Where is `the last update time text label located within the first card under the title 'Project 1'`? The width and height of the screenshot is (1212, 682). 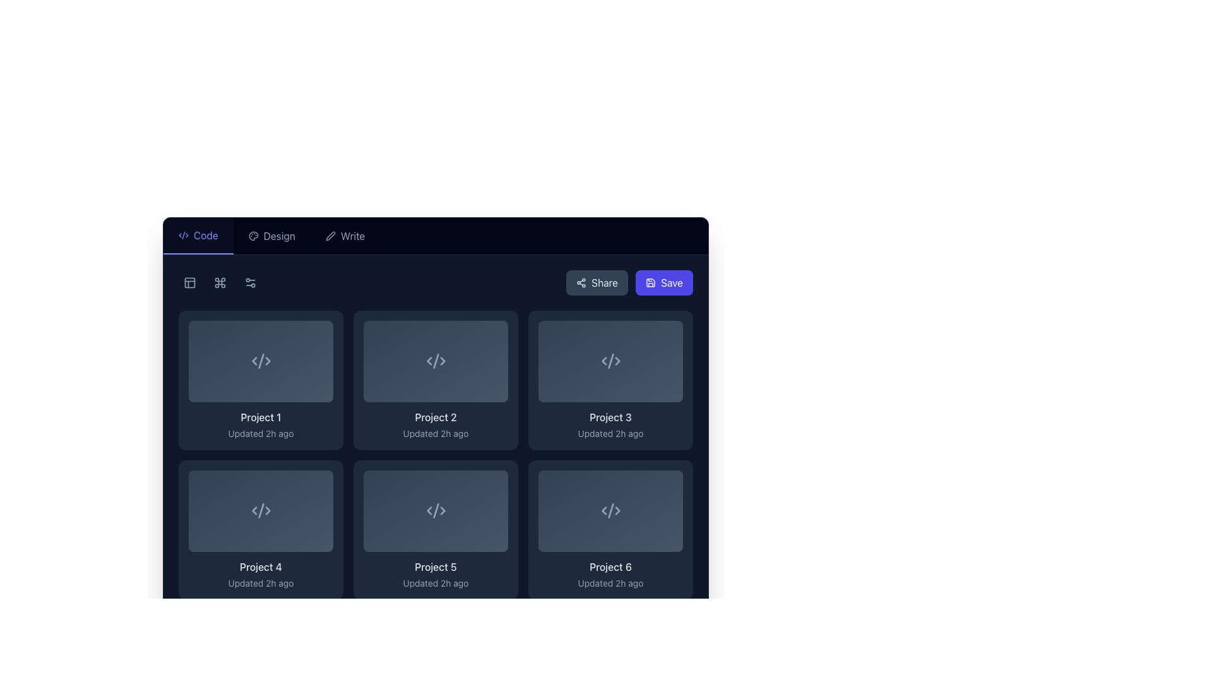 the last update time text label located within the first card under the title 'Project 1' is located at coordinates (260, 433).